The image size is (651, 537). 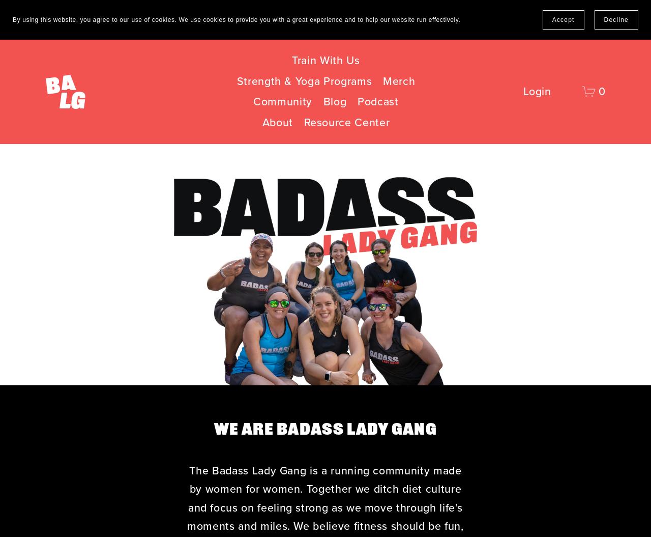 What do you see at coordinates (407, 228) in the screenshot?
I see `'Free Become A Runner 5k Running Plan'` at bounding box center [407, 228].